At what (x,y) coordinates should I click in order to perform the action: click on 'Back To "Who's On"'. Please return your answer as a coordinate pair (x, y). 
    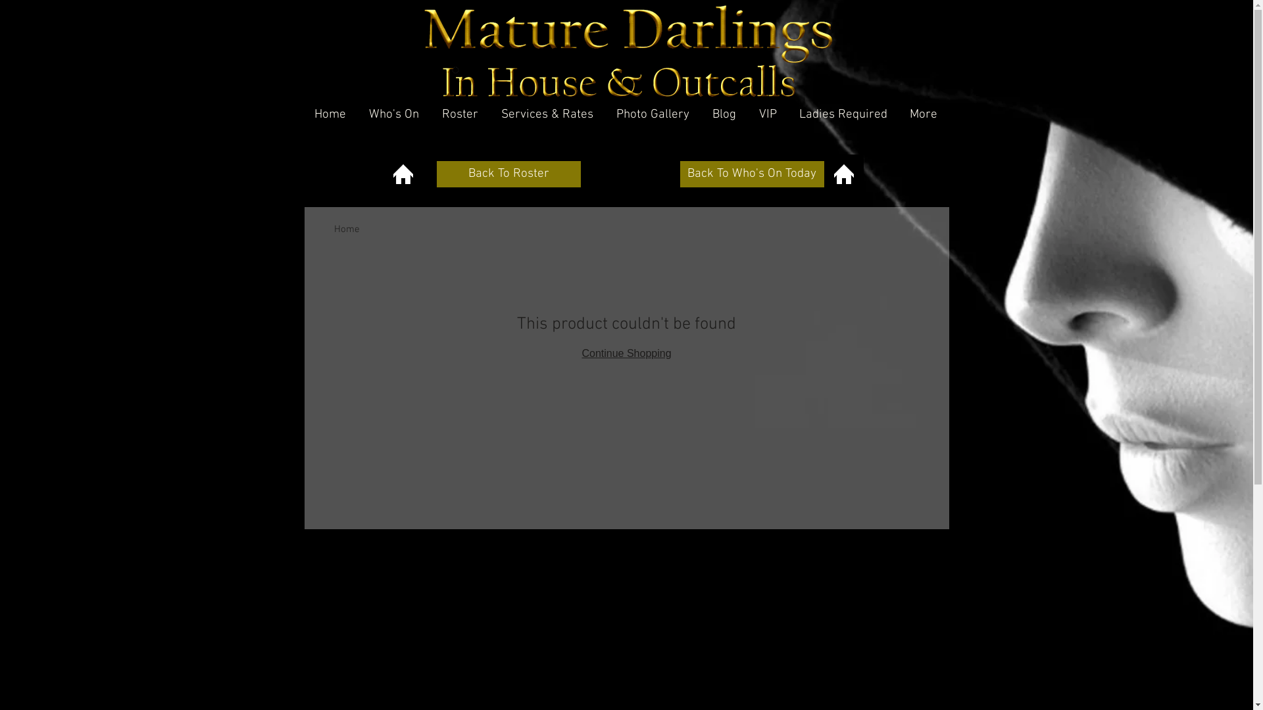
    Looking at the image, I should click on (382, 174).